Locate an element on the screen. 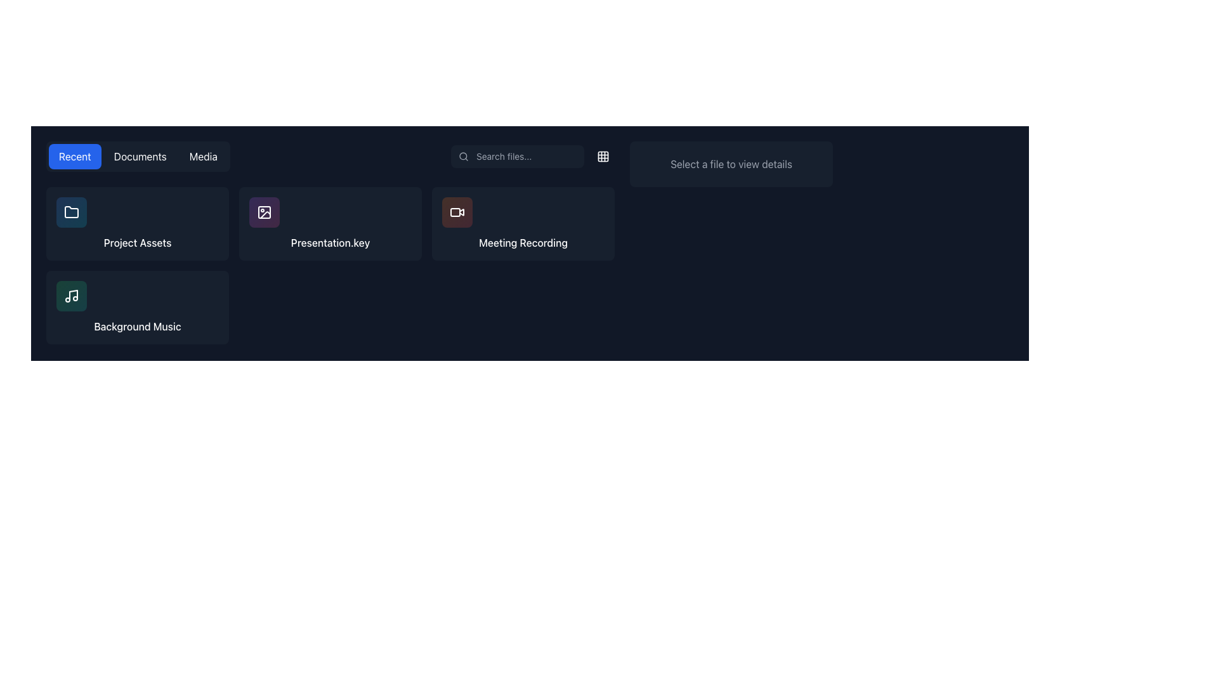 The width and height of the screenshot is (1218, 685). the icon button representing 'Project Assets' located in the top-left cell of a two-row grid layout is located at coordinates (71, 212).